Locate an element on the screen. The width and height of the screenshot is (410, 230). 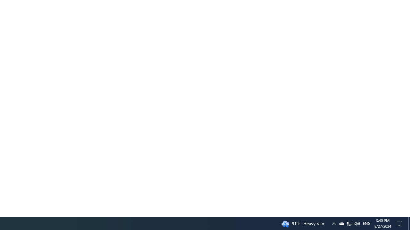
'Tray Input Indicator - English (United States)' is located at coordinates (349, 223).